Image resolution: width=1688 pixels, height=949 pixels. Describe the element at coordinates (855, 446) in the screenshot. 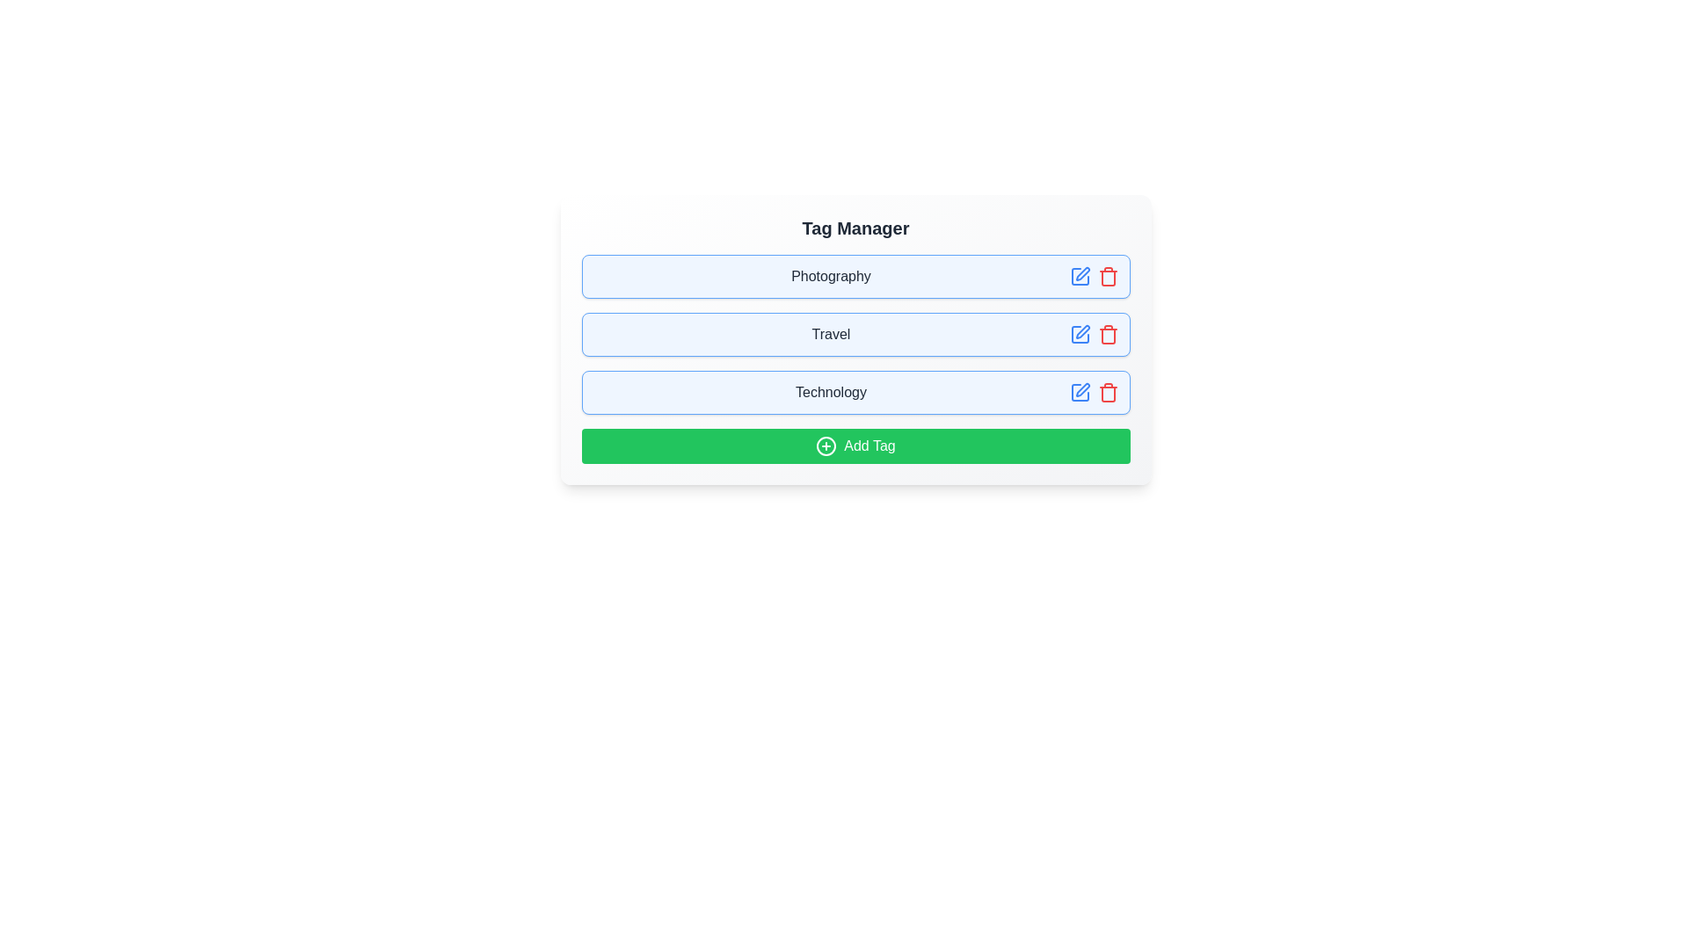

I see `the 'Add Tag' button to add a new tag` at that location.